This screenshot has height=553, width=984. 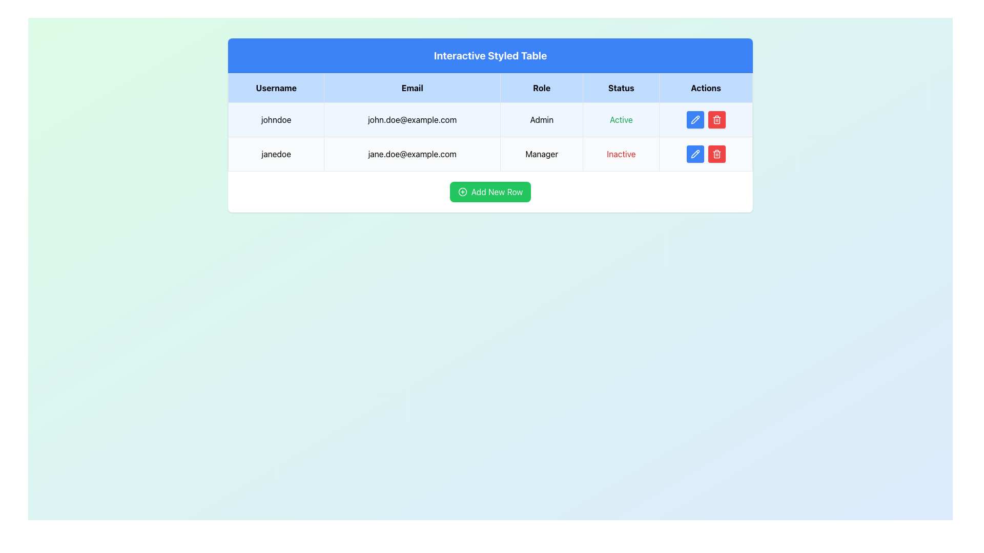 What do you see at coordinates (541, 119) in the screenshot?
I see `the 'Role' text label for user 'johndoe' located in the third column of the first row` at bounding box center [541, 119].